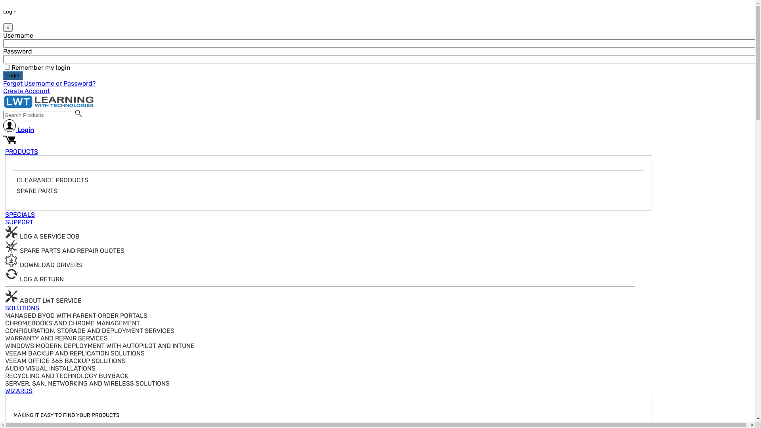 Image resolution: width=761 pixels, height=428 pixels. Describe the element at coordinates (43, 300) in the screenshot. I see `'ABOUT LWT SERVICE'` at that location.